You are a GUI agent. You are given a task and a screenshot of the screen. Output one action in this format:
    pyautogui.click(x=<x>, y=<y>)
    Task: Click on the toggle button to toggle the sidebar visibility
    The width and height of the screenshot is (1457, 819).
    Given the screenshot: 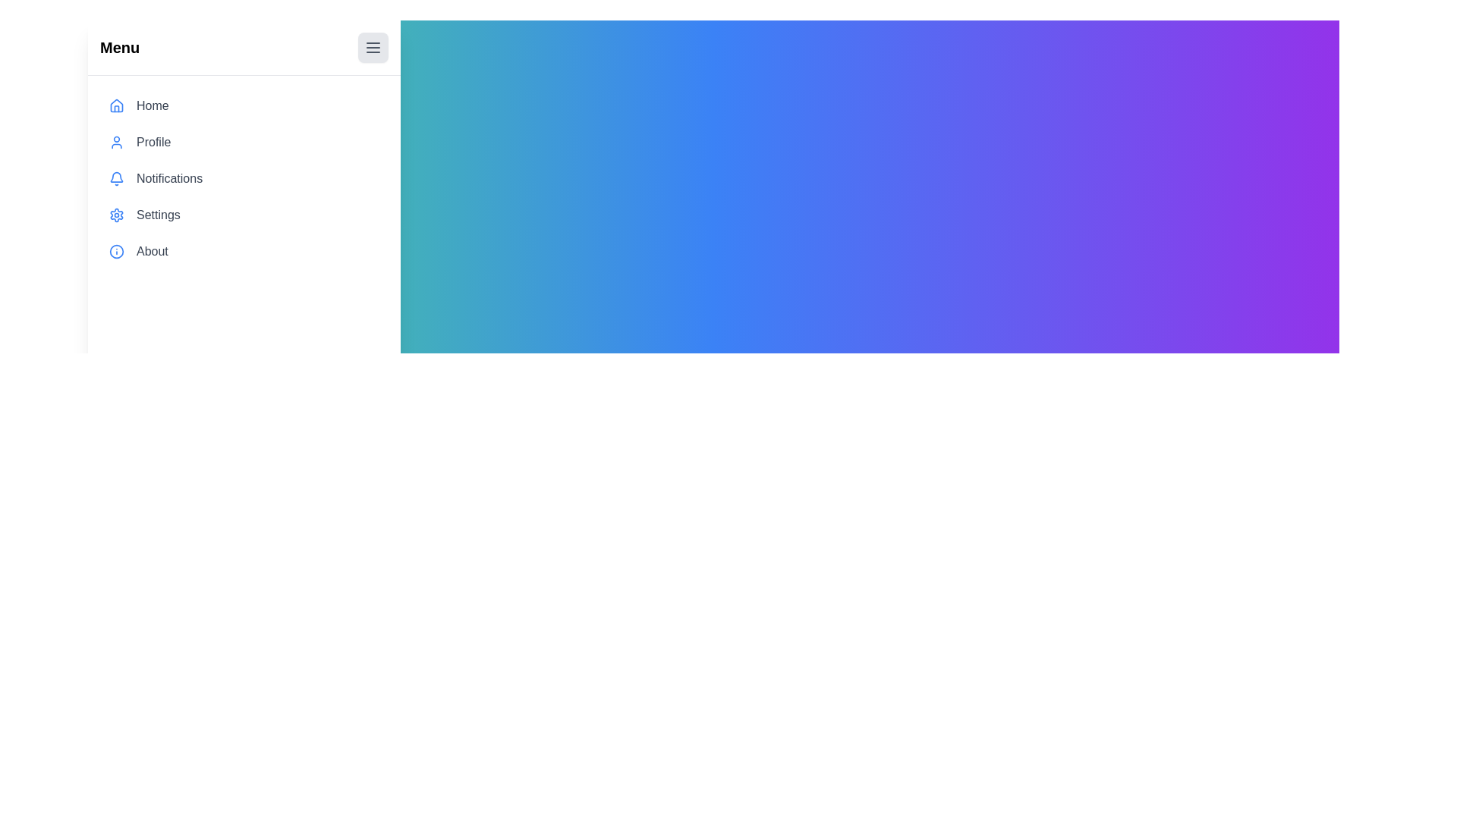 What is the action you would take?
    pyautogui.click(x=373, y=46)
    